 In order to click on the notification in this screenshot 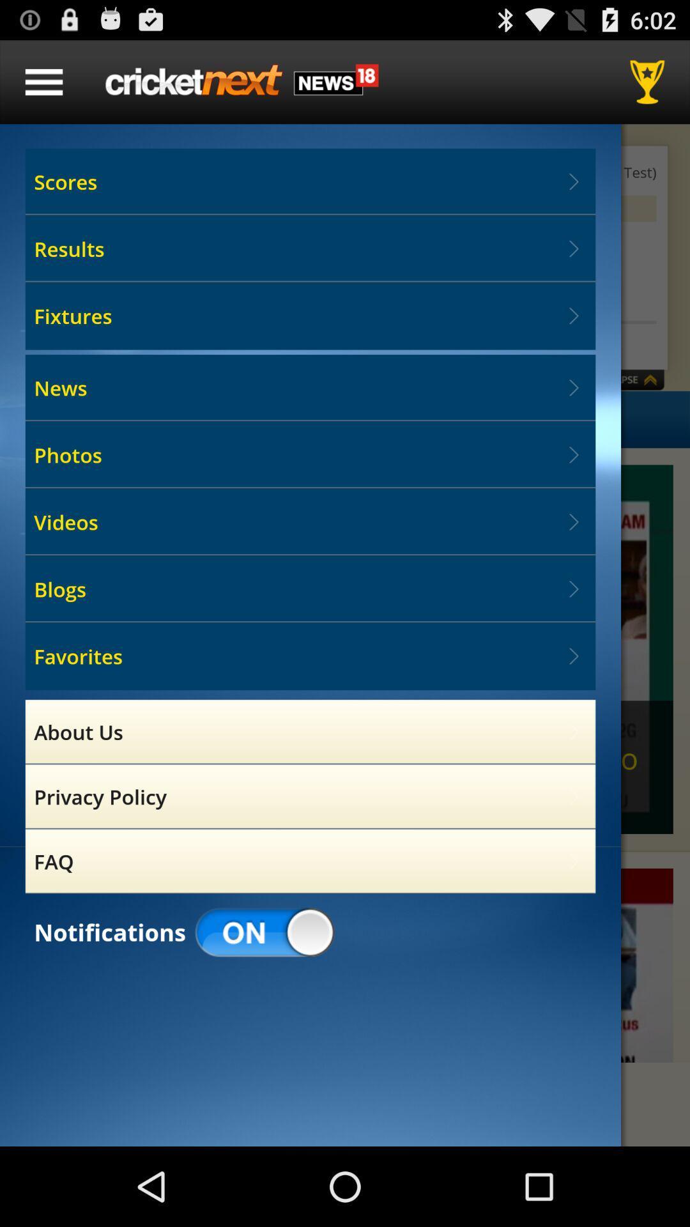, I will do `click(345, 966)`.